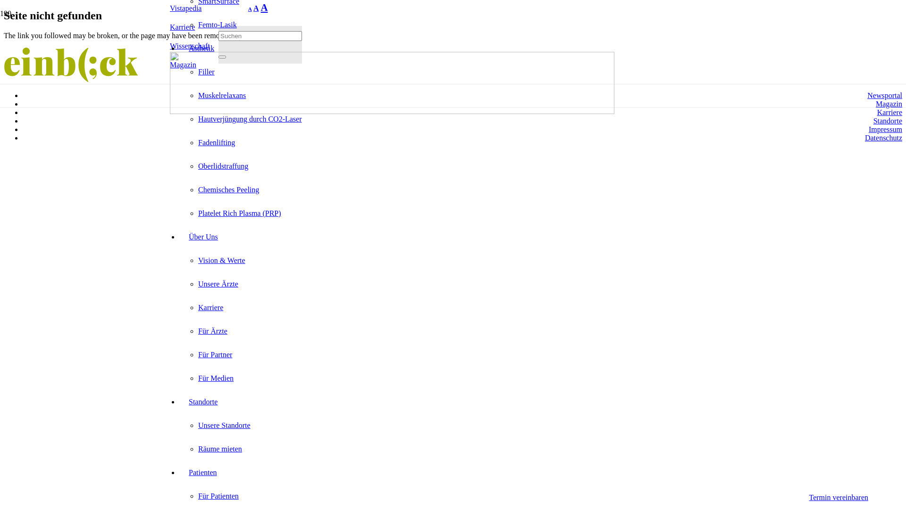 This screenshot has width=906, height=509. I want to click on 'Wissenschaft', so click(189, 46).